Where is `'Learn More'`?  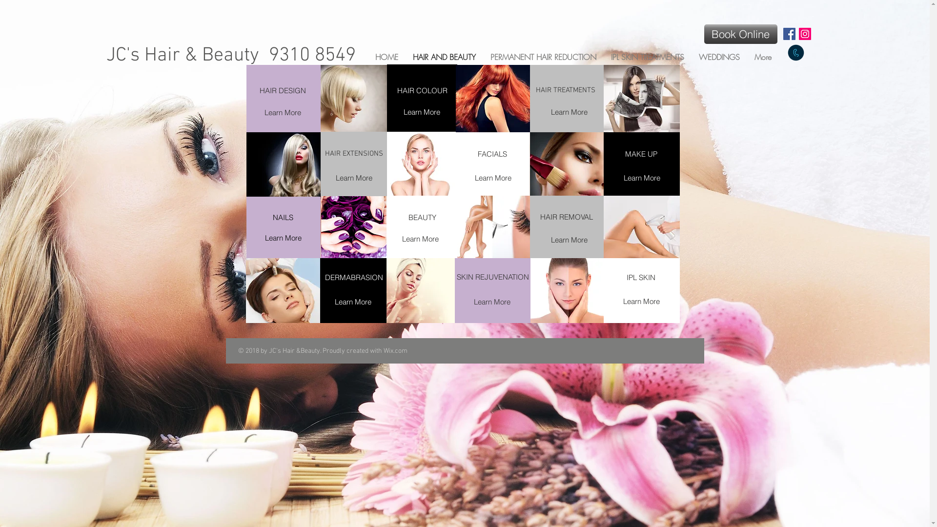 'Learn More' is located at coordinates (283, 237).